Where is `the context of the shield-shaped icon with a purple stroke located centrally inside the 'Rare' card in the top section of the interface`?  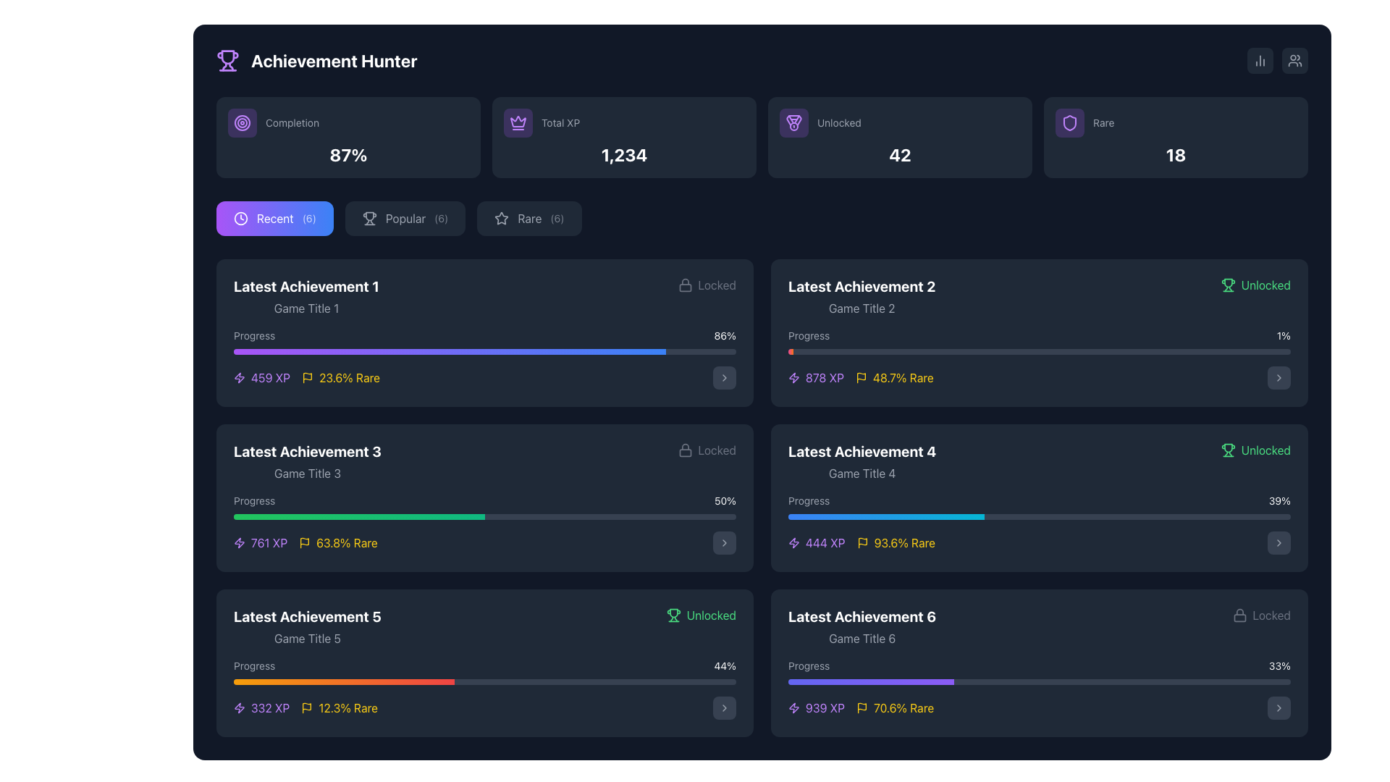
the context of the shield-shaped icon with a purple stroke located centrally inside the 'Rare' card in the top section of the interface is located at coordinates (1070, 122).